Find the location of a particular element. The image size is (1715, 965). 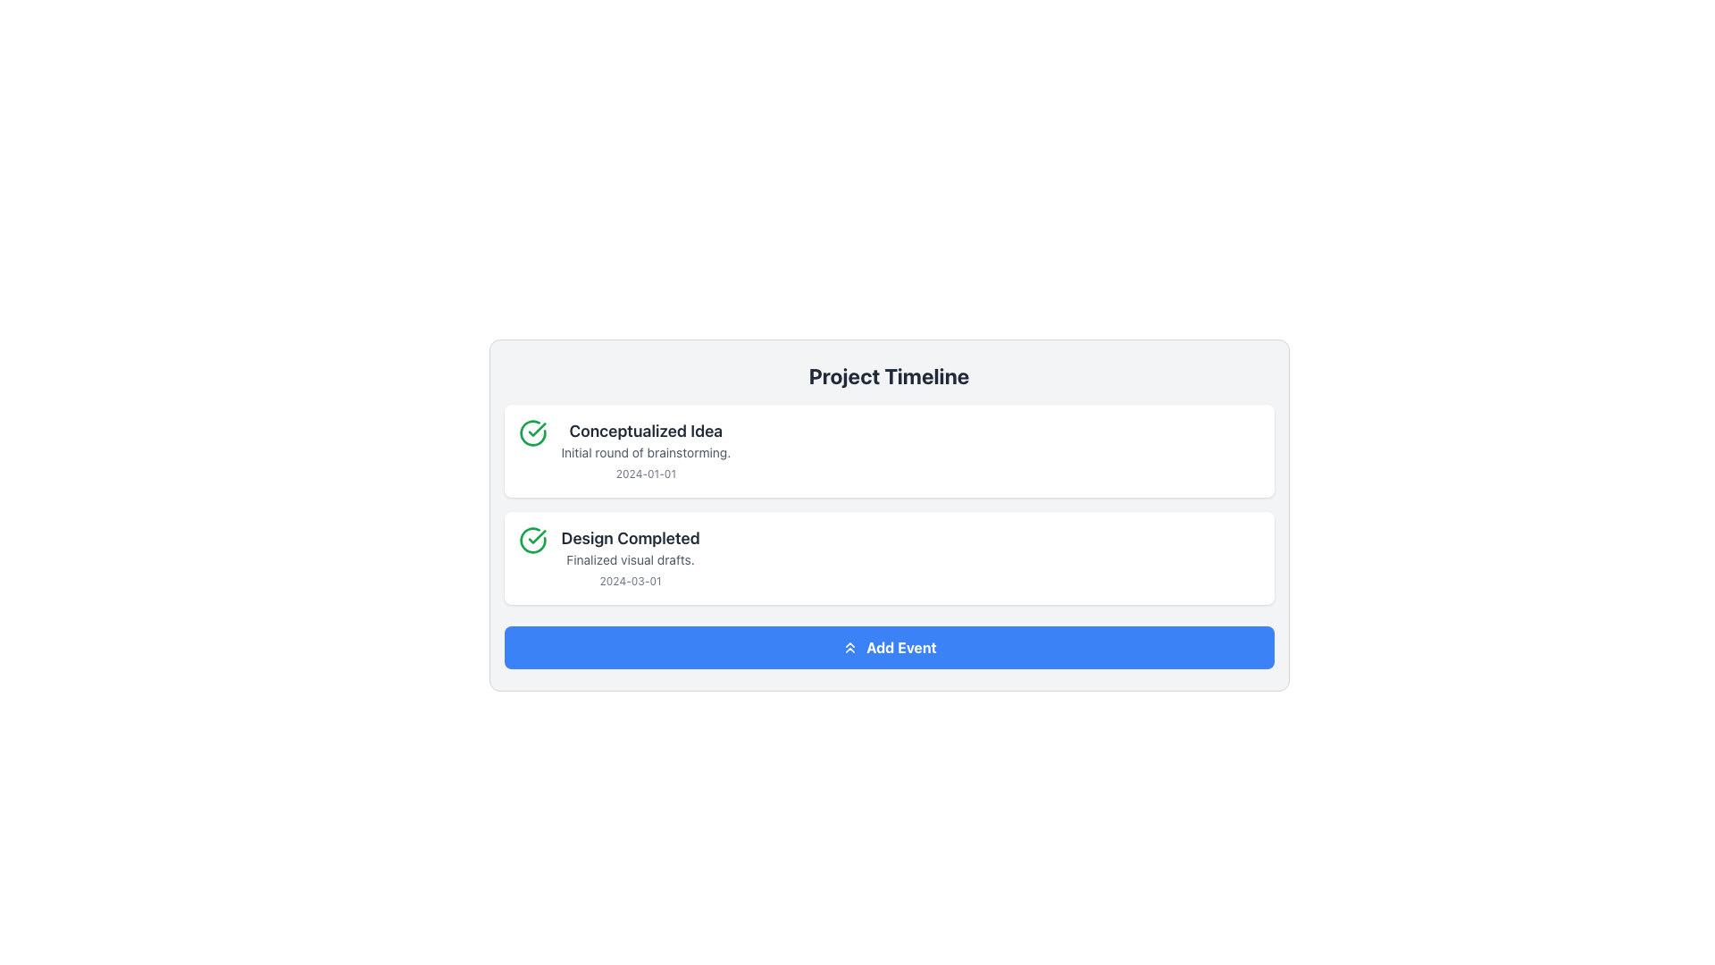

the static text label that indicates the date associated with the 'Design Completed' milestone, located beneath 'Finalized visual drafts.' is located at coordinates (631, 581).